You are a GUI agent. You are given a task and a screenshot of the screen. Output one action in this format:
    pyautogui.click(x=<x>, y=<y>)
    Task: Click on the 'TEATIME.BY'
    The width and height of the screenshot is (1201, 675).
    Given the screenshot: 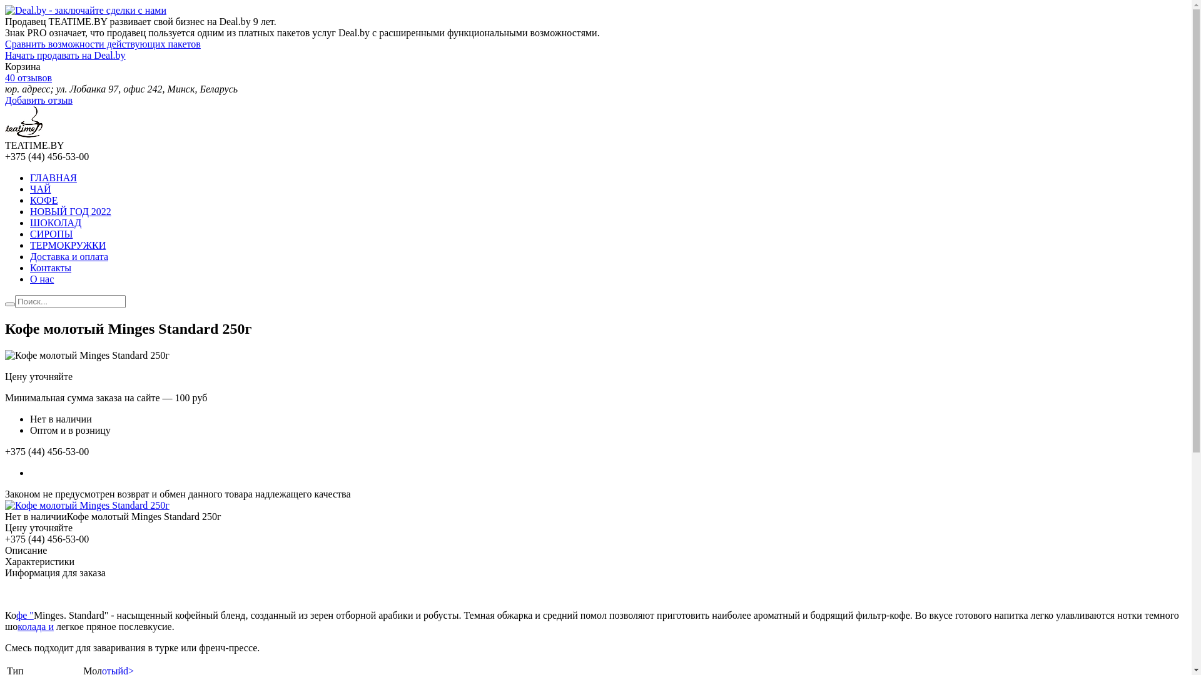 What is the action you would take?
    pyautogui.click(x=24, y=134)
    